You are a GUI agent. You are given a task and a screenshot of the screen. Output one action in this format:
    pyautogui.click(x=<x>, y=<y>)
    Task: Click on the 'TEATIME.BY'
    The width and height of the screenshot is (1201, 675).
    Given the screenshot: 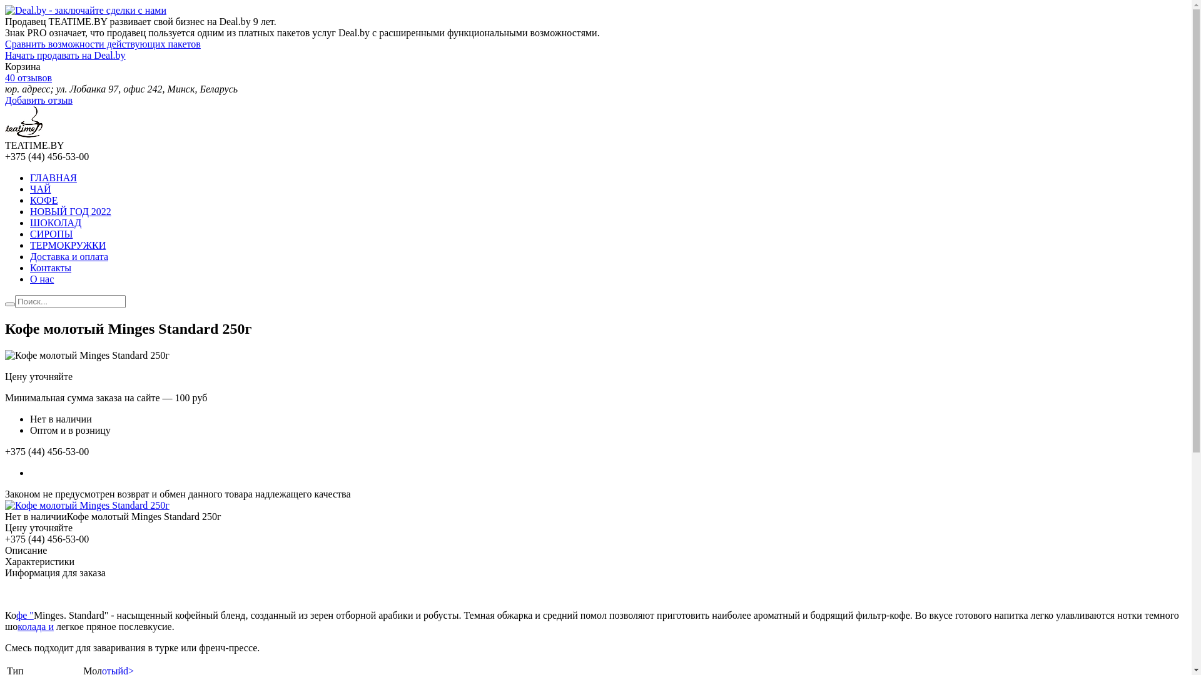 What is the action you would take?
    pyautogui.click(x=24, y=134)
    